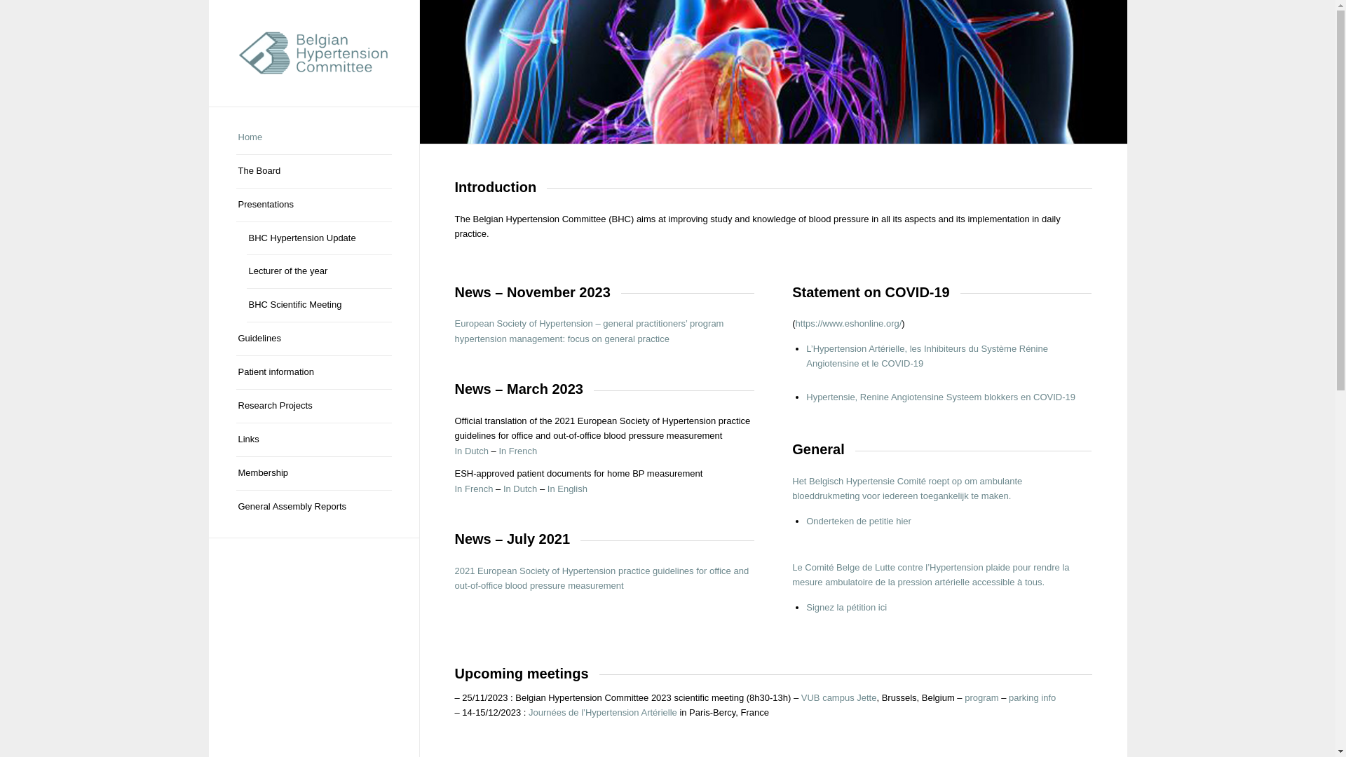 This screenshot has height=757, width=1346. What do you see at coordinates (318, 238) in the screenshot?
I see `'BHC Hypertension Update'` at bounding box center [318, 238].